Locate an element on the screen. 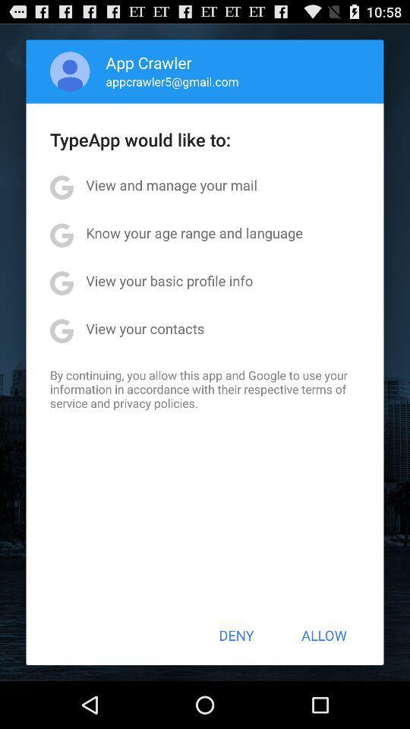  the appcrawler5@gmail.com app is located at coordinates (172, 81).